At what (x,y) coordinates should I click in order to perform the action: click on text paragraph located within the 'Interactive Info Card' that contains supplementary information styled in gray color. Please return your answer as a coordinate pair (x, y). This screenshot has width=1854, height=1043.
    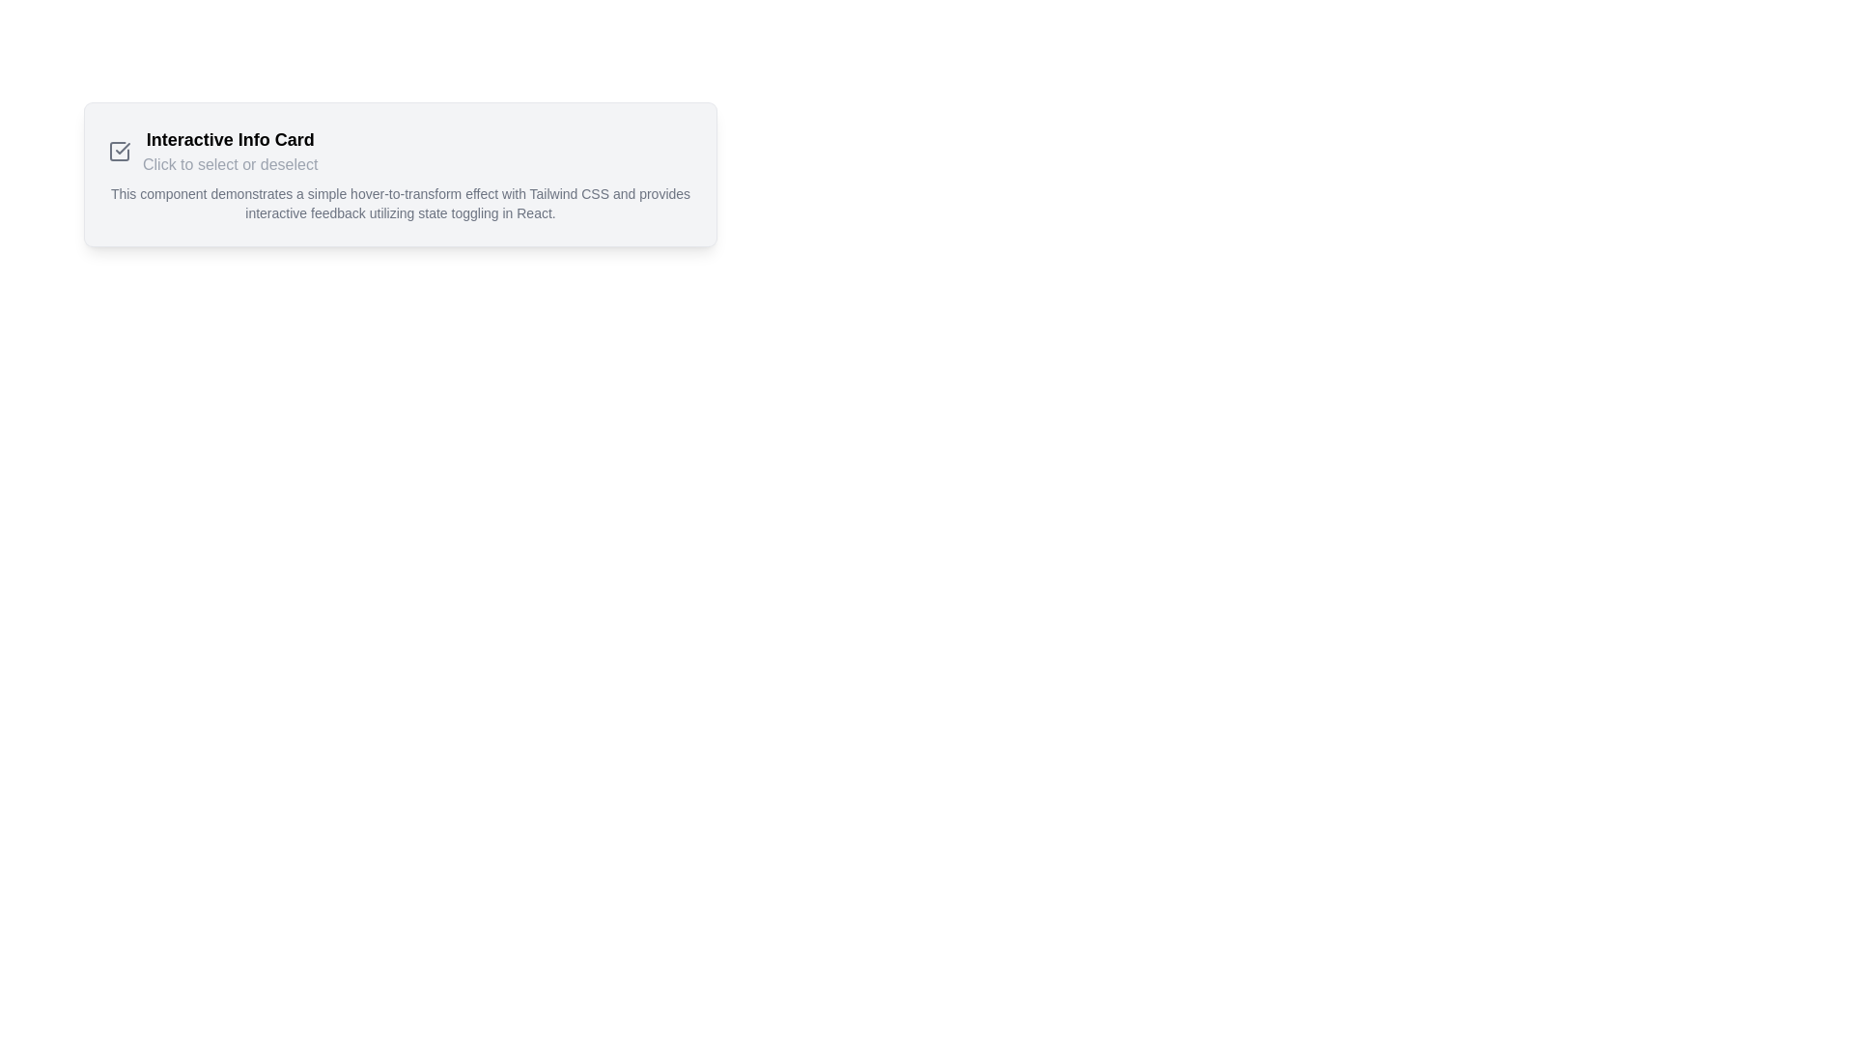
    Looking at the image, I should click on (399, 204).